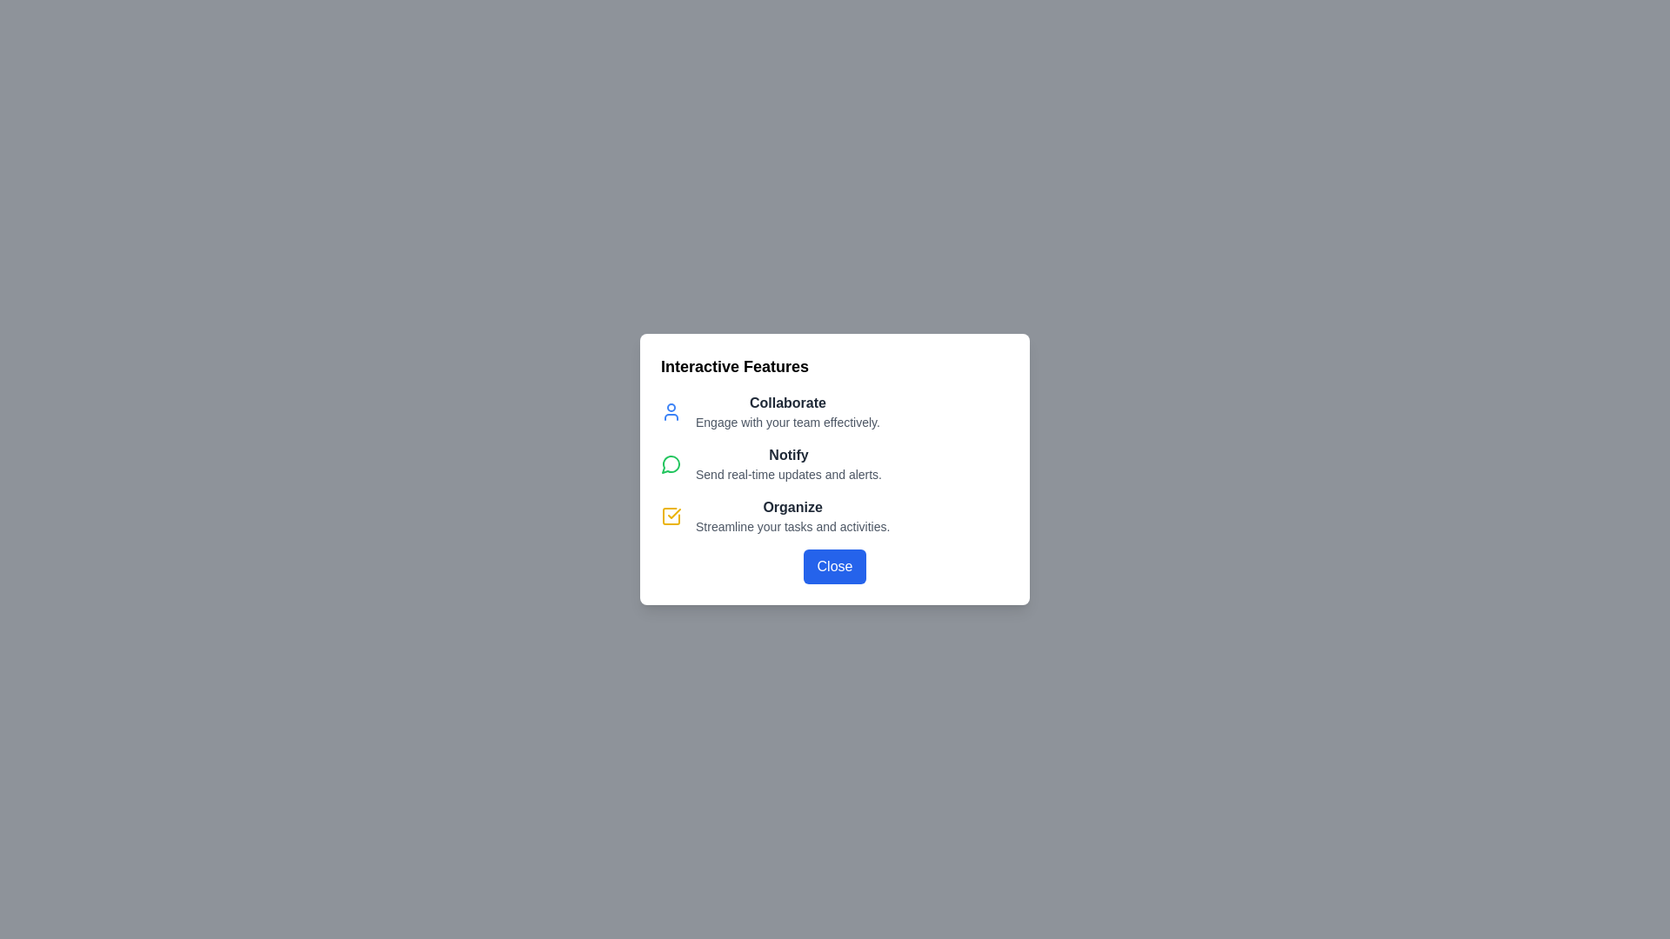  I want to click on the feature Notify to explore its content, so click(671, 463).